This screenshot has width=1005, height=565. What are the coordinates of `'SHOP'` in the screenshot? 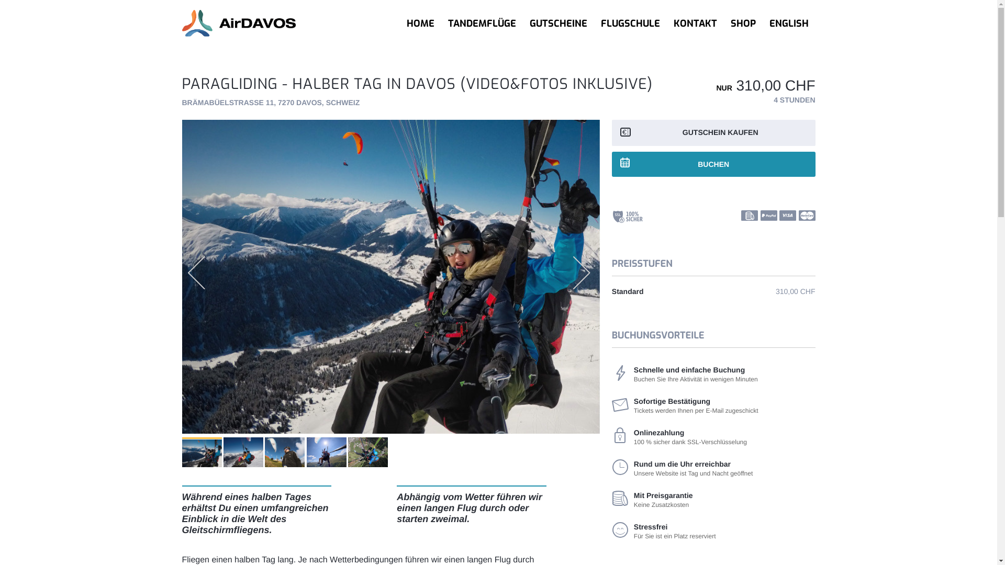 It's located at (742, 24).